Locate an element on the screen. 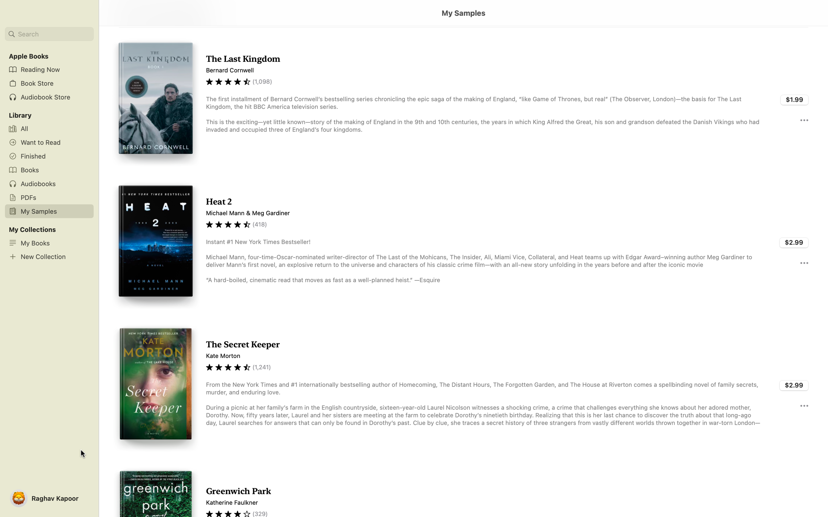  To learn more details about the book "Last Kingdom", click the three-dot menu button is located at coordinates (803, 119).